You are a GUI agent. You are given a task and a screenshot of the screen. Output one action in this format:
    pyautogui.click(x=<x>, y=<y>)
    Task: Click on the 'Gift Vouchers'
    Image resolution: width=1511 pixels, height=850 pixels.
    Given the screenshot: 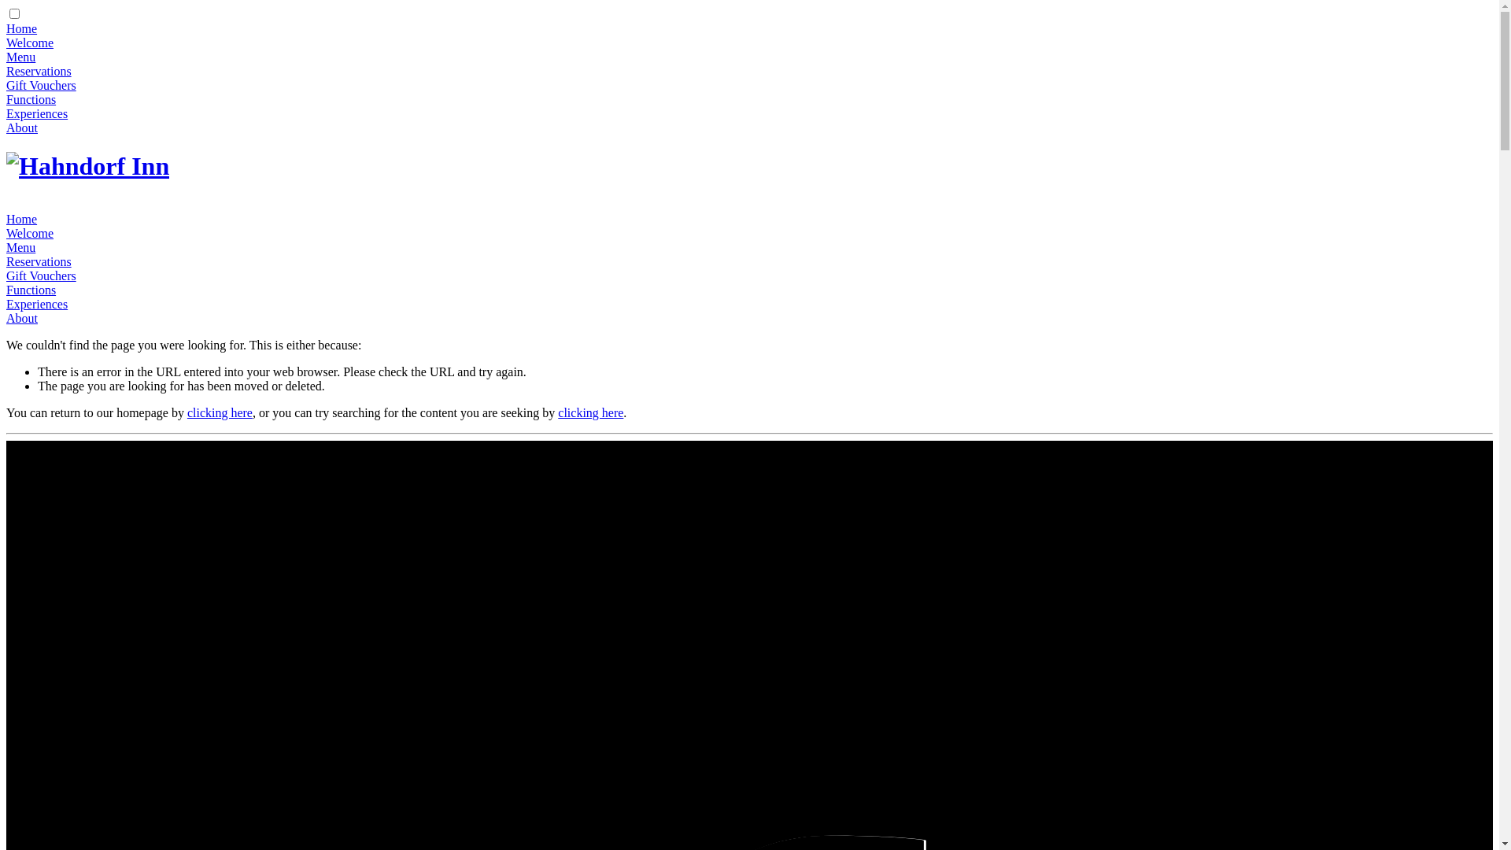 What is the action you would take?
    pyautogui.click(x=41, y=275)
    